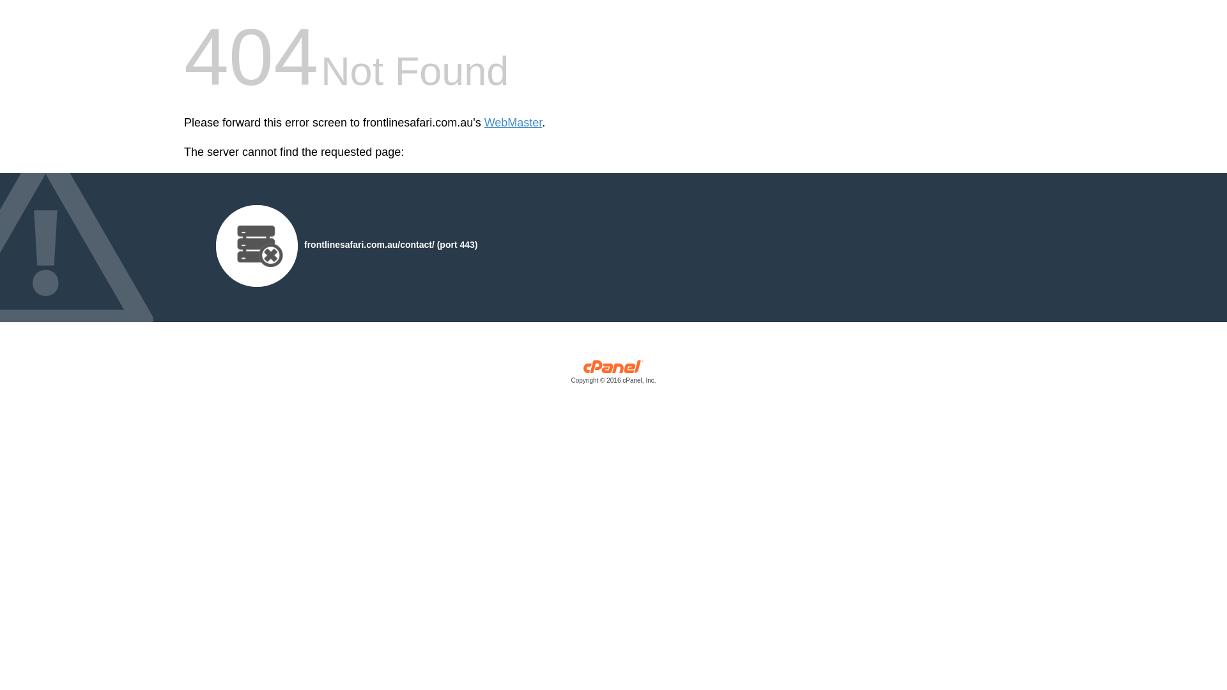  What do you see at coordinates (484, 123) in the screenshot?
I see `'WebMaster'` at bounding box center [484, 123].